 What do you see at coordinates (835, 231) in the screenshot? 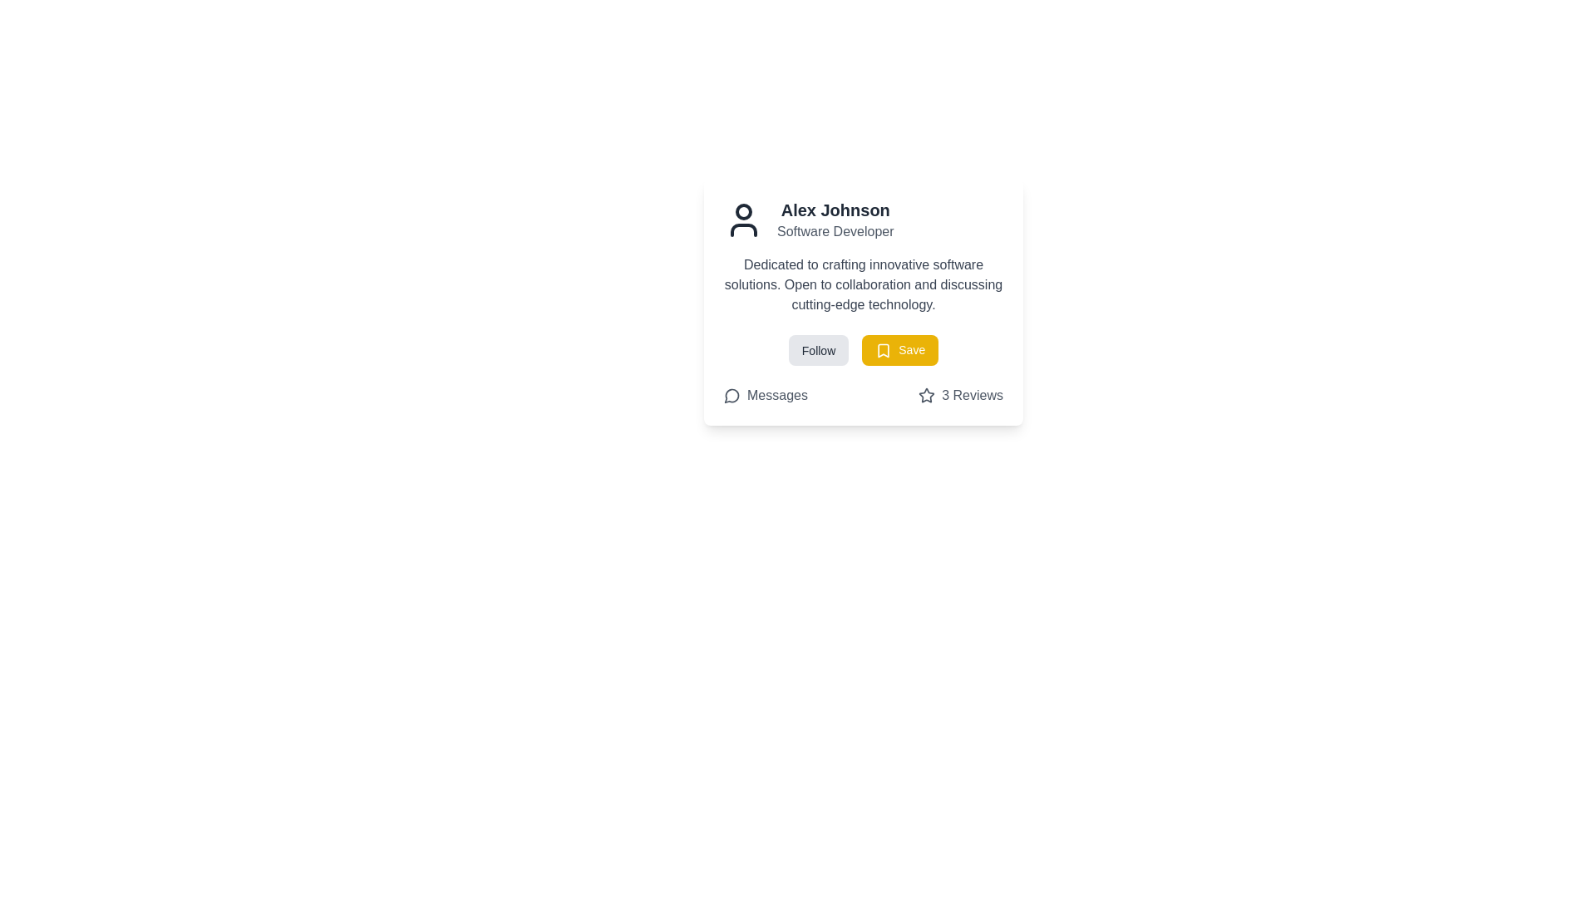
I see `the text label styled in gray font reading 'Software Developer', which is located directly below the bolded name 'Alex Johnson' in the upper central area of the card` at bounding box center [835, 231].